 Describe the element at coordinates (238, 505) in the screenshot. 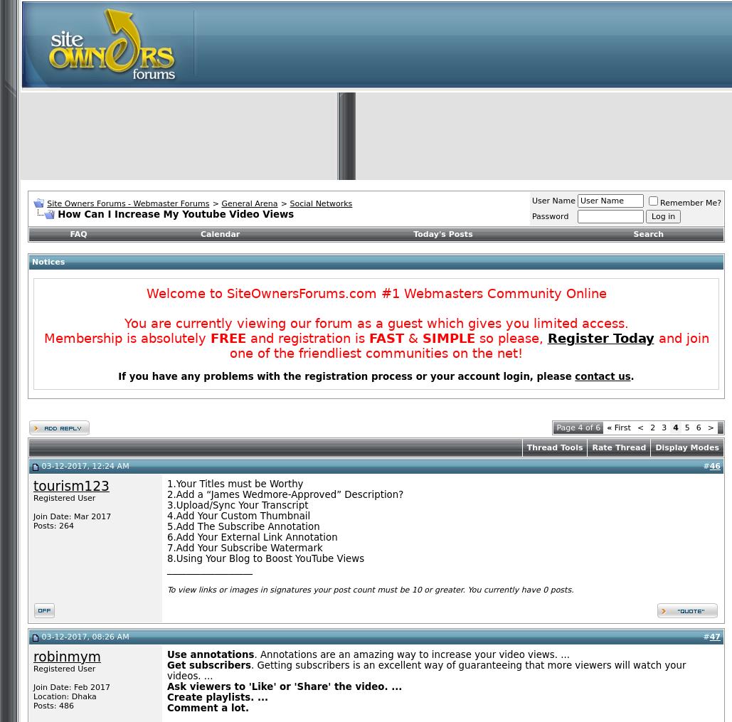

I see `'3.Upload/Sync Your Transcript'` at that location.